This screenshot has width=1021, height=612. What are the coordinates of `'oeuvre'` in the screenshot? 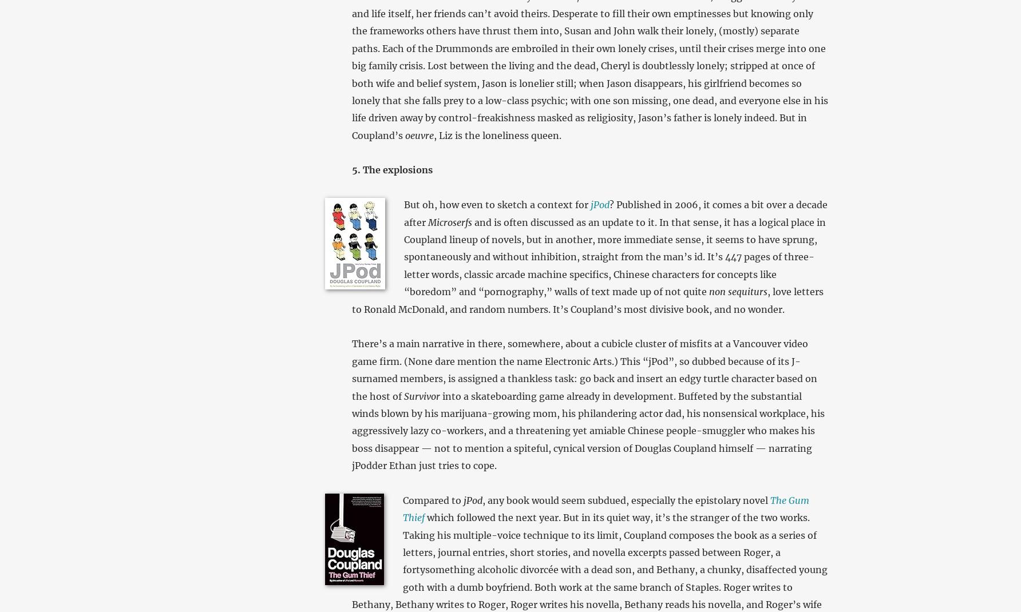 It's located at (418, 134).